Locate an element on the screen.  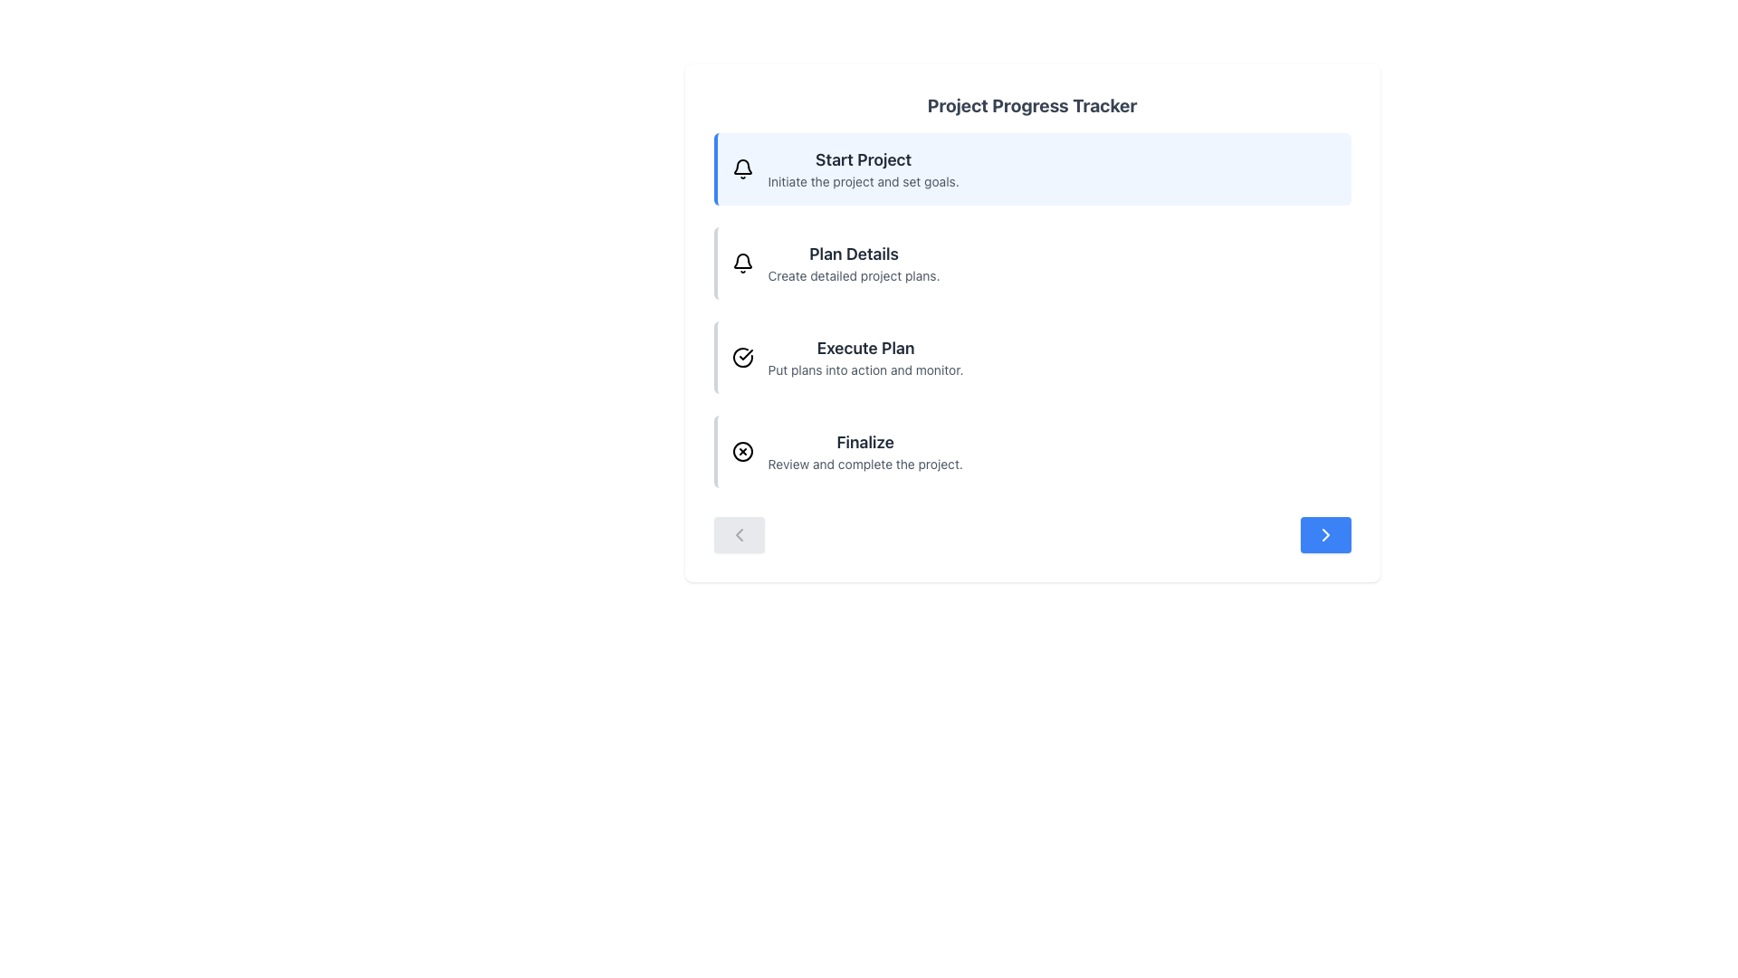
the bold textual header labeled 'Start Project' that appears in large font size with dark gray color on a light blue background, located at the top left of a list within the main content section is located at coordinates (863, 159).